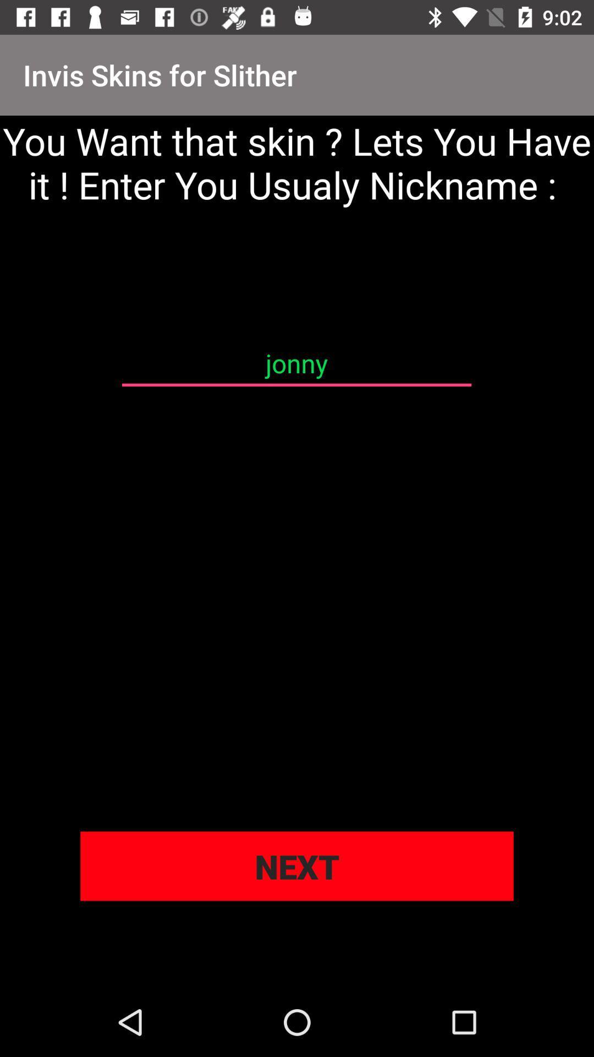 The width and height of the screenshot is (594, 1057). What do you see at coordinates (296, 363) in the screenshot?
I see `icon below you want that item` at bounding box center [296, 363].